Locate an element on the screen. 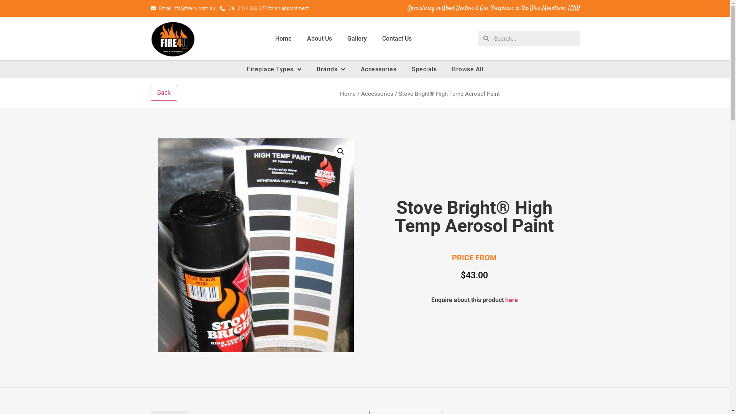  'Gallery' is located at coordinates (339, 38).